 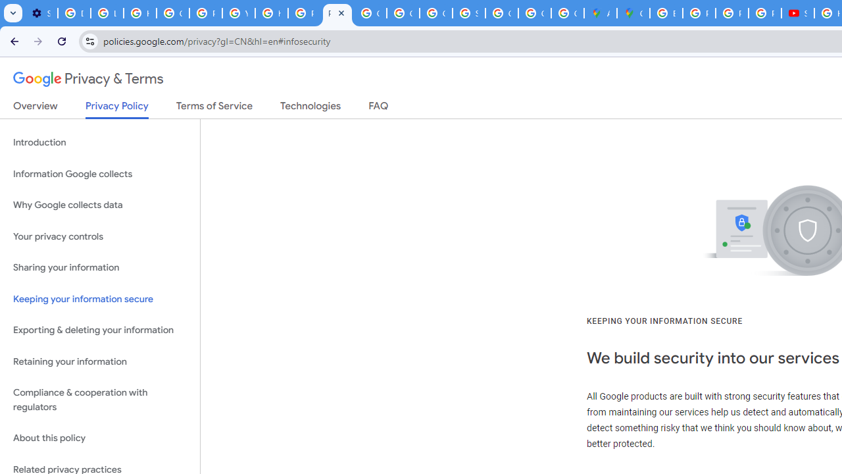 What do you see at coordinates (172, 13) in the screenshot?
I see `'Google Account Help'` at bounding box center [172, 13].